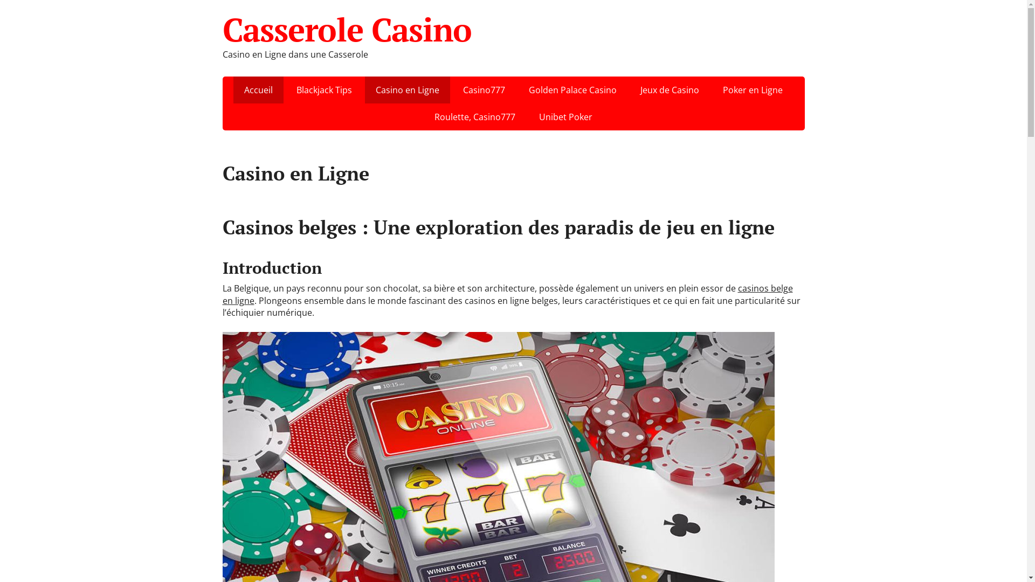 Image resolution: width=1035 pixels, height=582 pixels. Describe the element at coordinates (406, 89) in the screenshot. I see `'Casino en Ligne'` at that location.